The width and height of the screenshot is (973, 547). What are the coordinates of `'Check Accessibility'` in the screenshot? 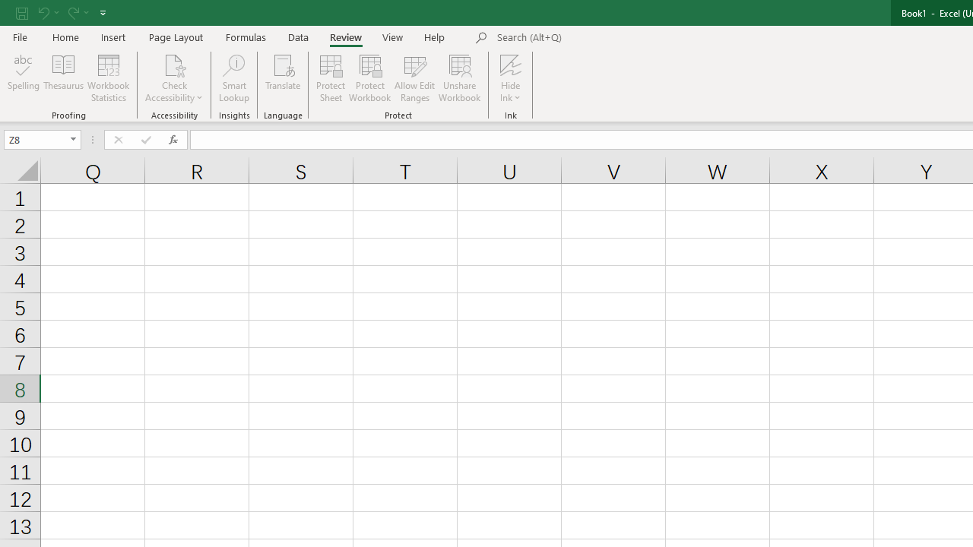 It's located at (174, 78).